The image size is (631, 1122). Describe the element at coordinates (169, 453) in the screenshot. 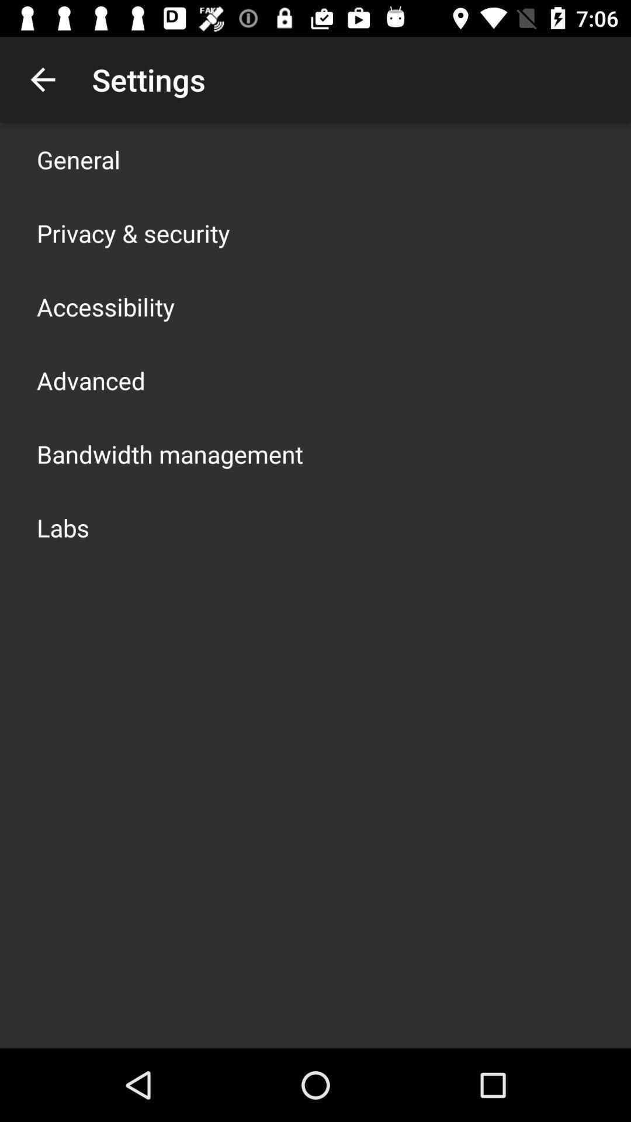

I see `bandwidth management item` at that location.